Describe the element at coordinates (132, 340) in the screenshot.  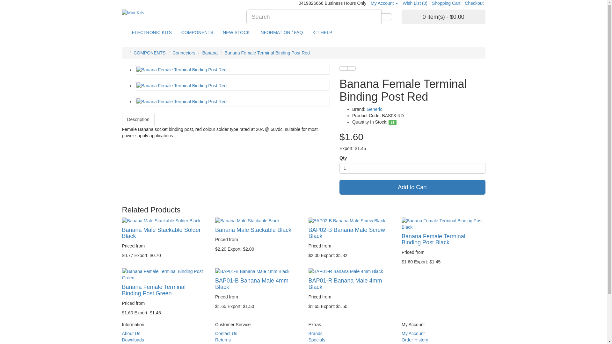
I see `'Downloads'` at that location.